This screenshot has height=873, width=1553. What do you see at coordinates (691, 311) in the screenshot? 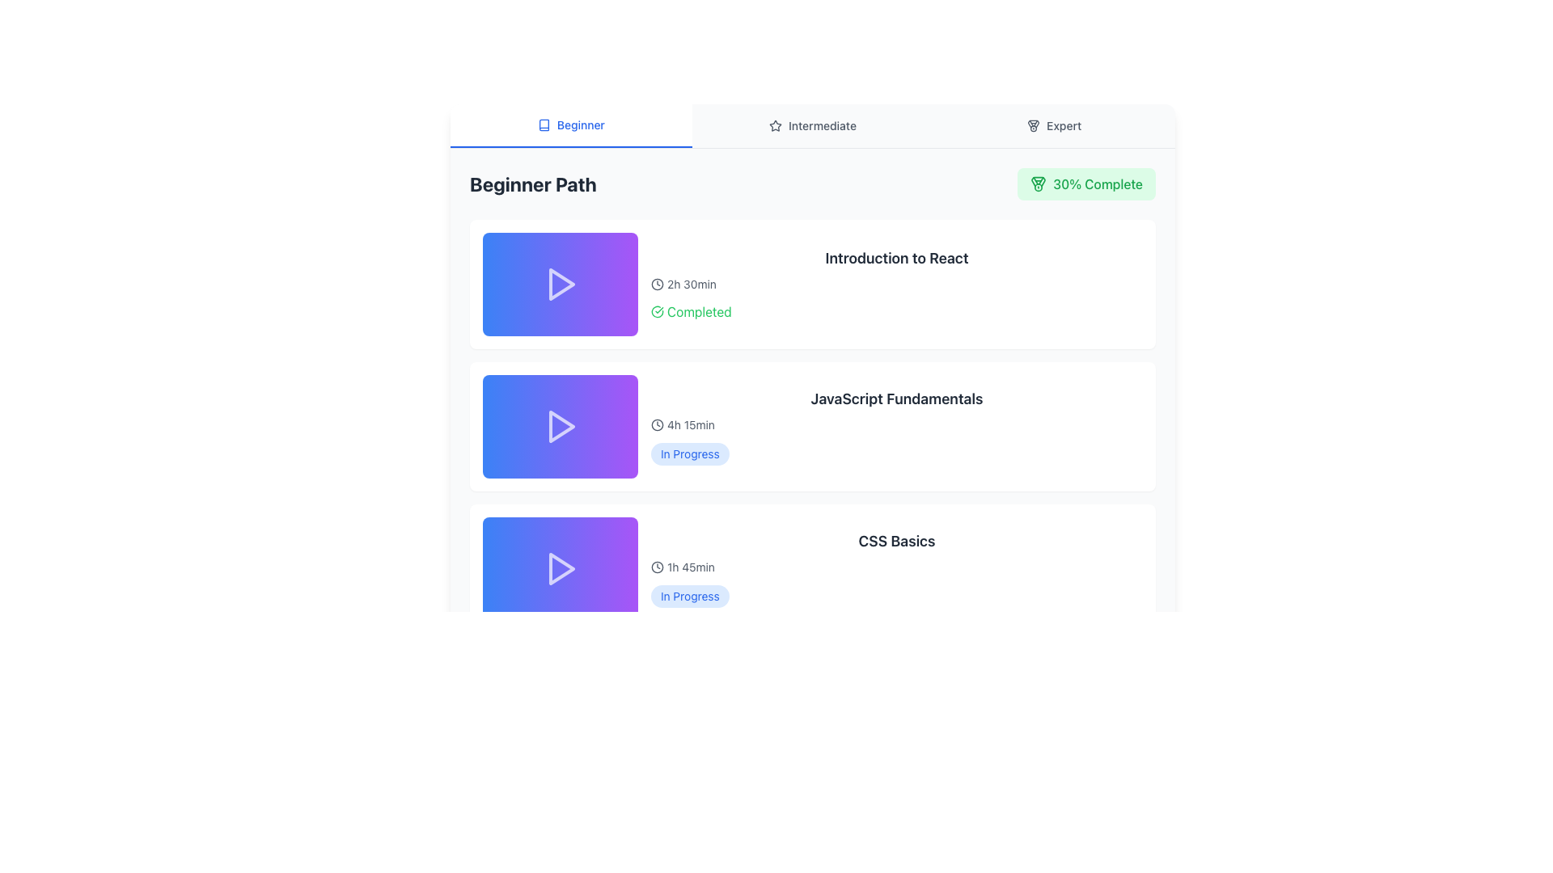
I see `the green 'Completed' status indicator with a checkmark icon located on the left side of the 'Introduction to React' course item under the time label '2h 30min'` at bounding box center [691, 311].